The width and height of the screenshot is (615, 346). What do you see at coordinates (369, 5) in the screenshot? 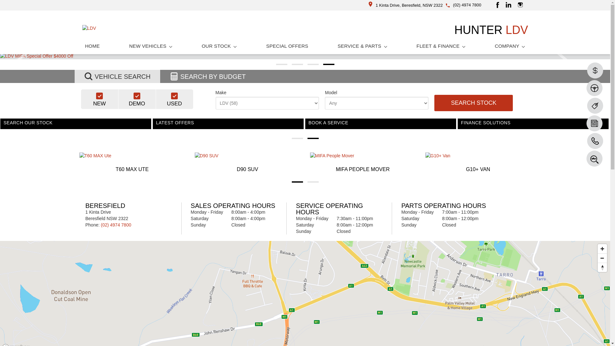
I see `'1 Kinta Drive, Beresfield, NSW 2322'` at bounding box center [369, 5].